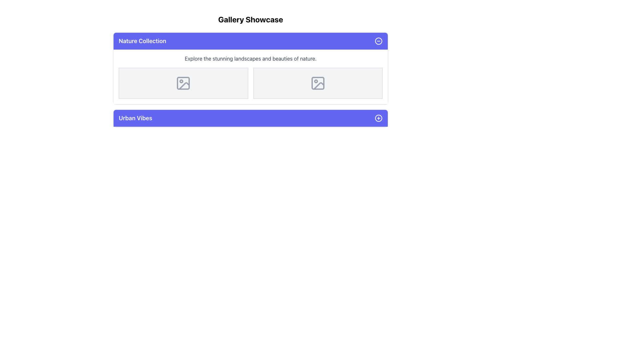 The image size is (623, 350). Describe the element at coordinates (378, 118) in the screenshot. I see `the surrounding area of the decorative circle element representing a plus icon within the purple bar labeled 'Urban Vibes'` at that location.